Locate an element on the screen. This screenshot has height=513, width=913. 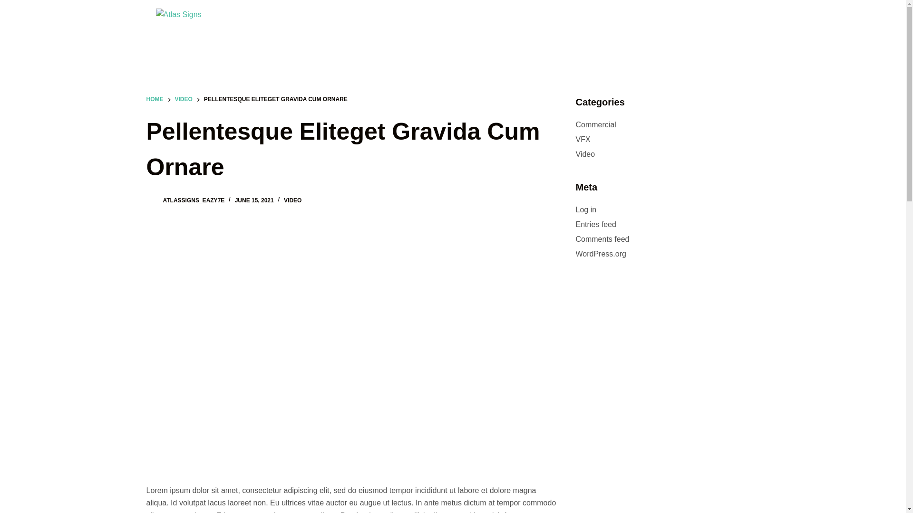
'ATLASSIGNS_EAZY7E' is located at coordinates (193, 199).